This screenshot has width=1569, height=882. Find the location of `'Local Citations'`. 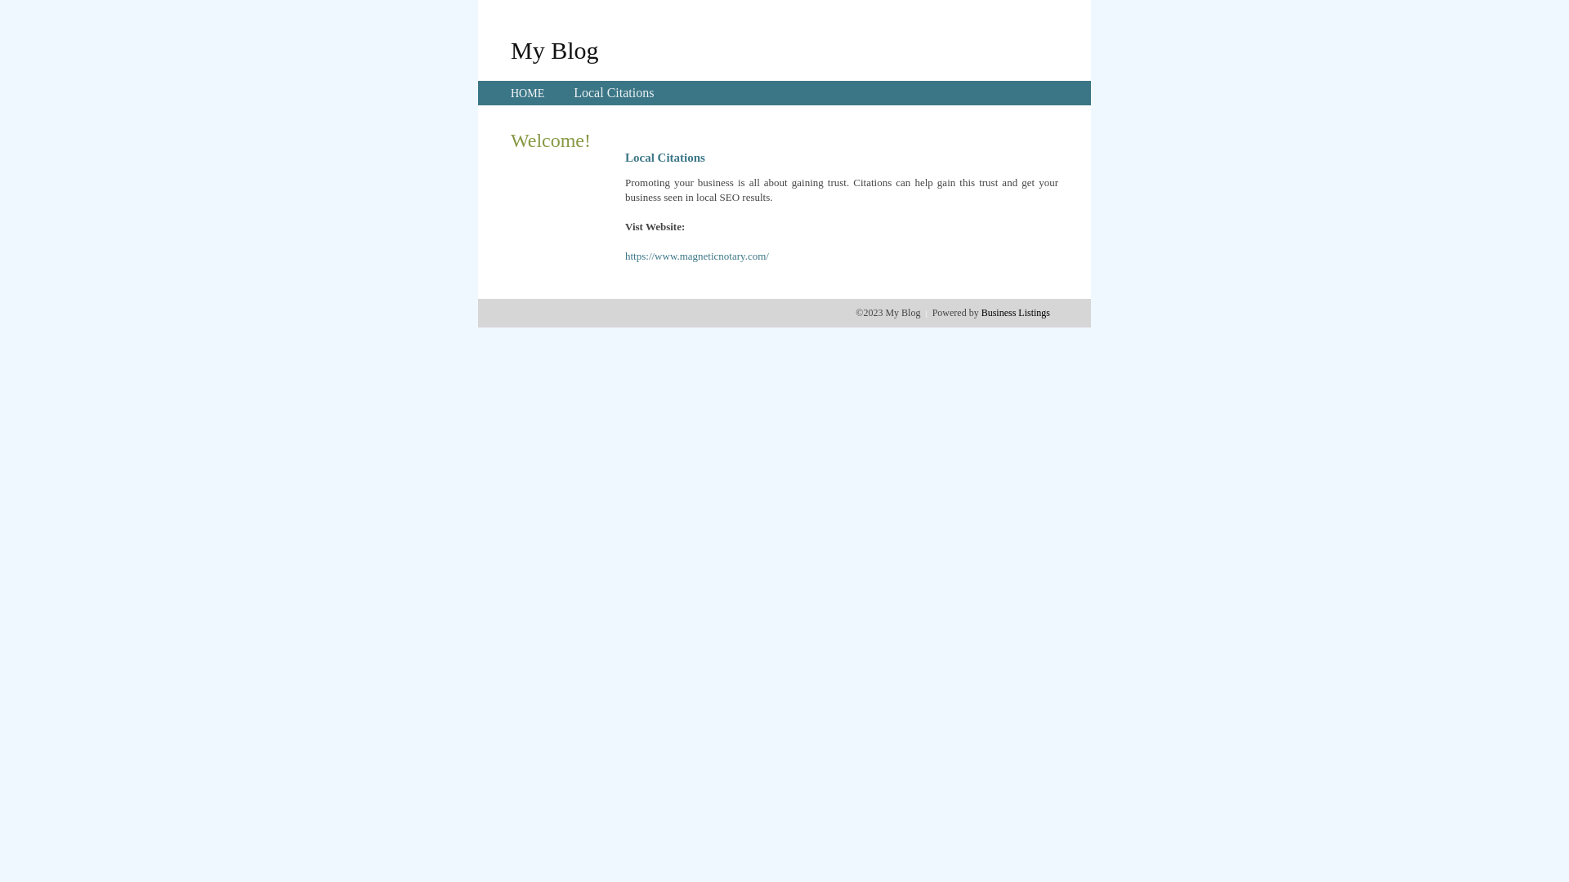

'Local Citations' is located at coordinates (612, 92).